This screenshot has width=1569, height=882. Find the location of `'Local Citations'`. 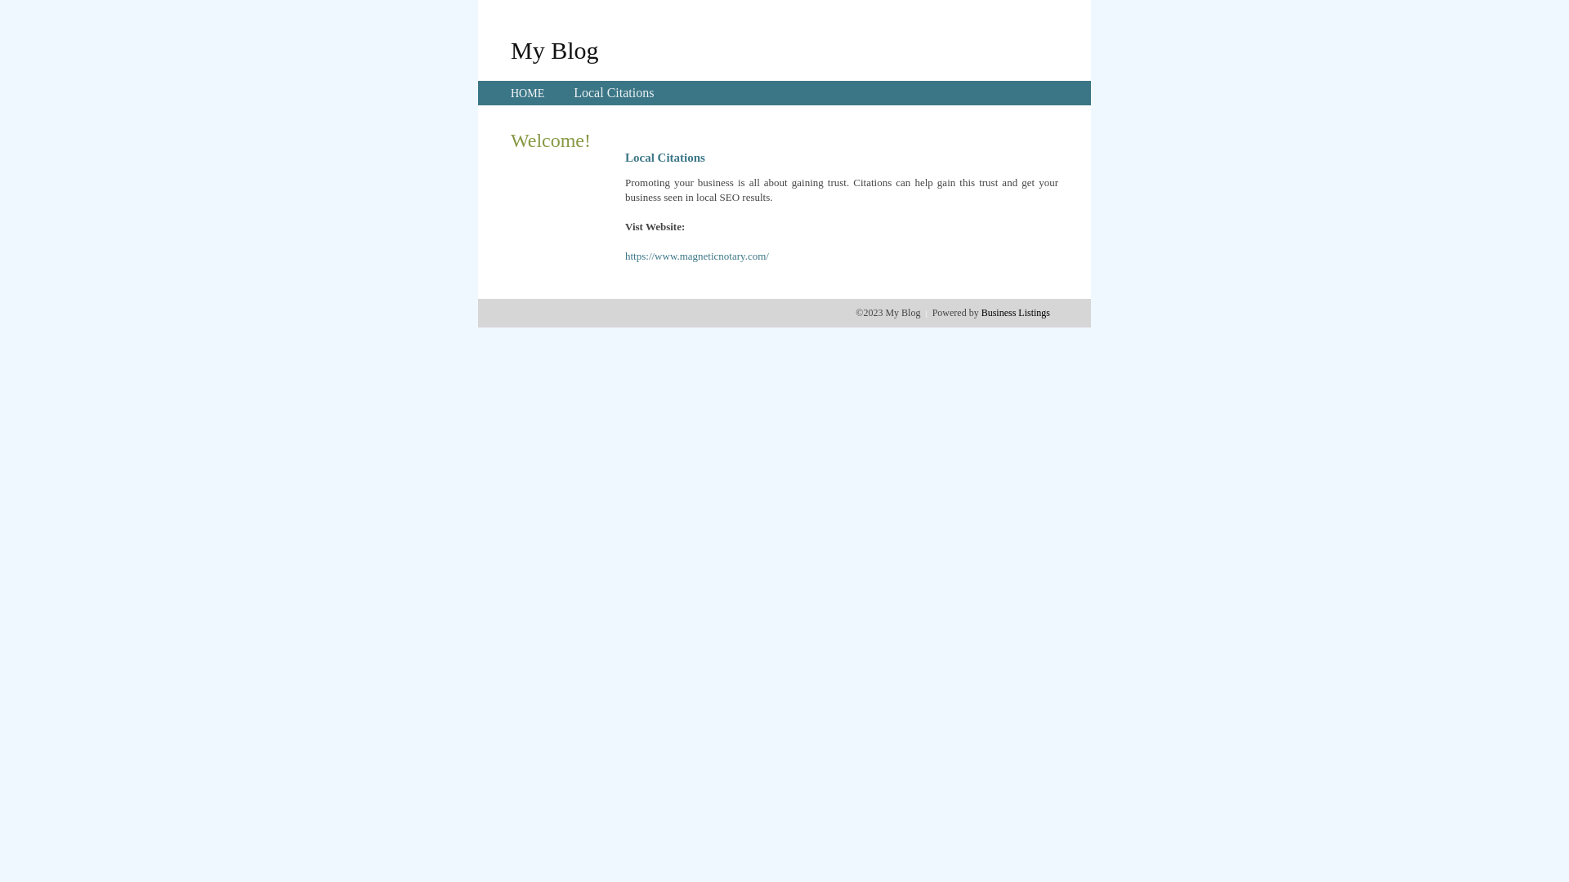

'Local Citations' is located at coordinates (612, 92).